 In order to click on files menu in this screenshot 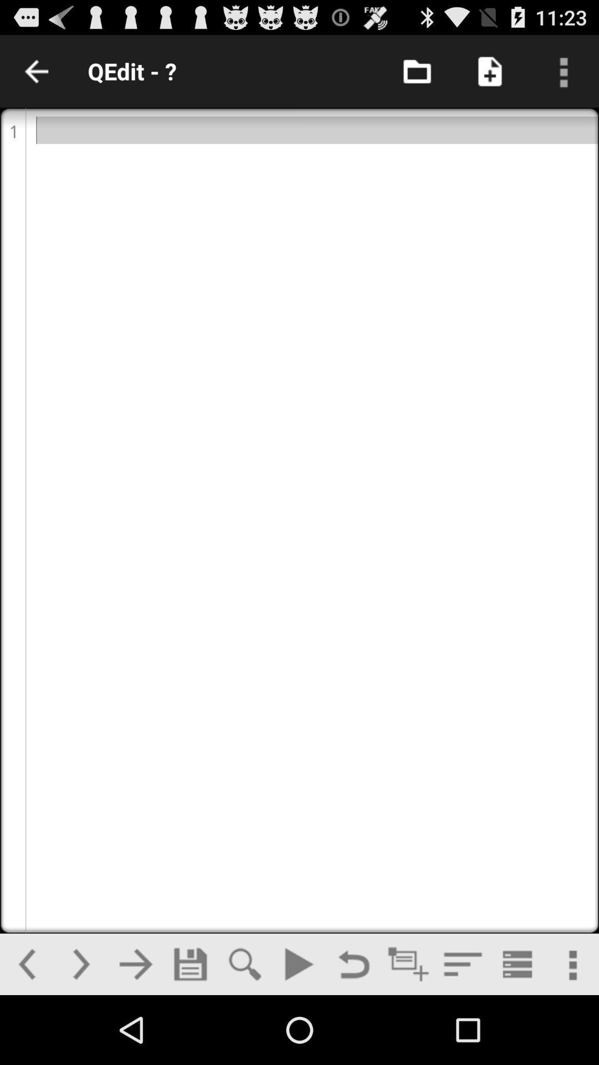, I will do `click(417, 70)`.